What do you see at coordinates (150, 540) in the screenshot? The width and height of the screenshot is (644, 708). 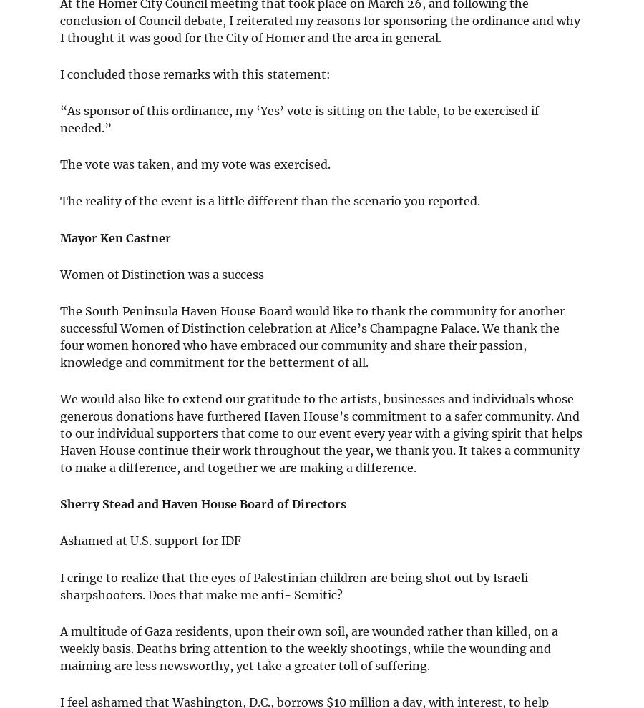 I see `'Ashamed at U.S. support for IDF'` at bounding box center [150, 540].